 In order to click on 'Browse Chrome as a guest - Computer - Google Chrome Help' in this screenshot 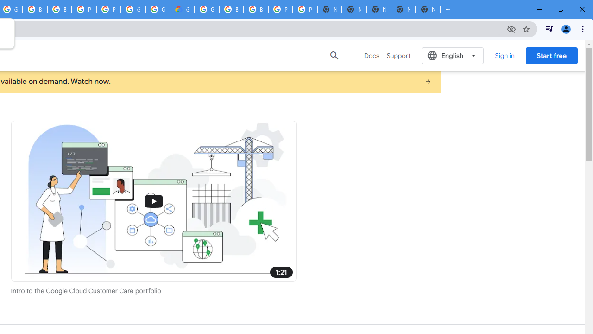, I will do `click(35, 9)`.